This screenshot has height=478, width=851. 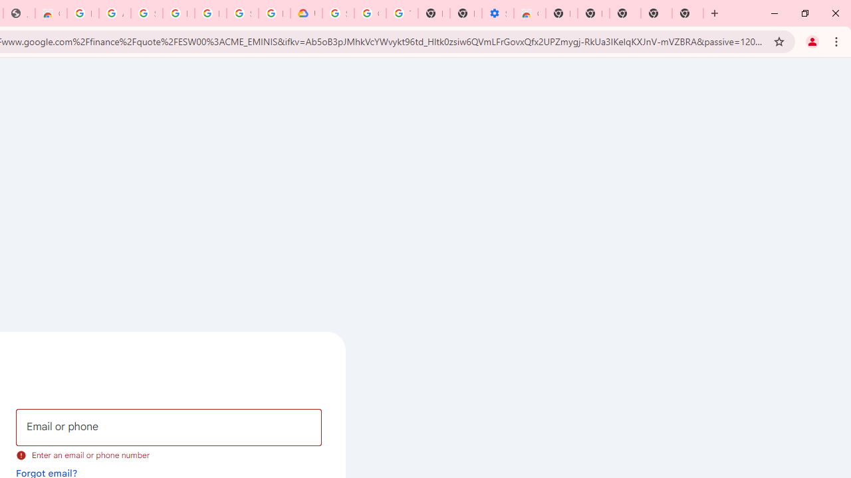 What do you see at coordinates (401, 13) in the screenshot?
I see `'Turn cookies on or off - Computer - Google Account Help'` at bounding box center [401, 13].